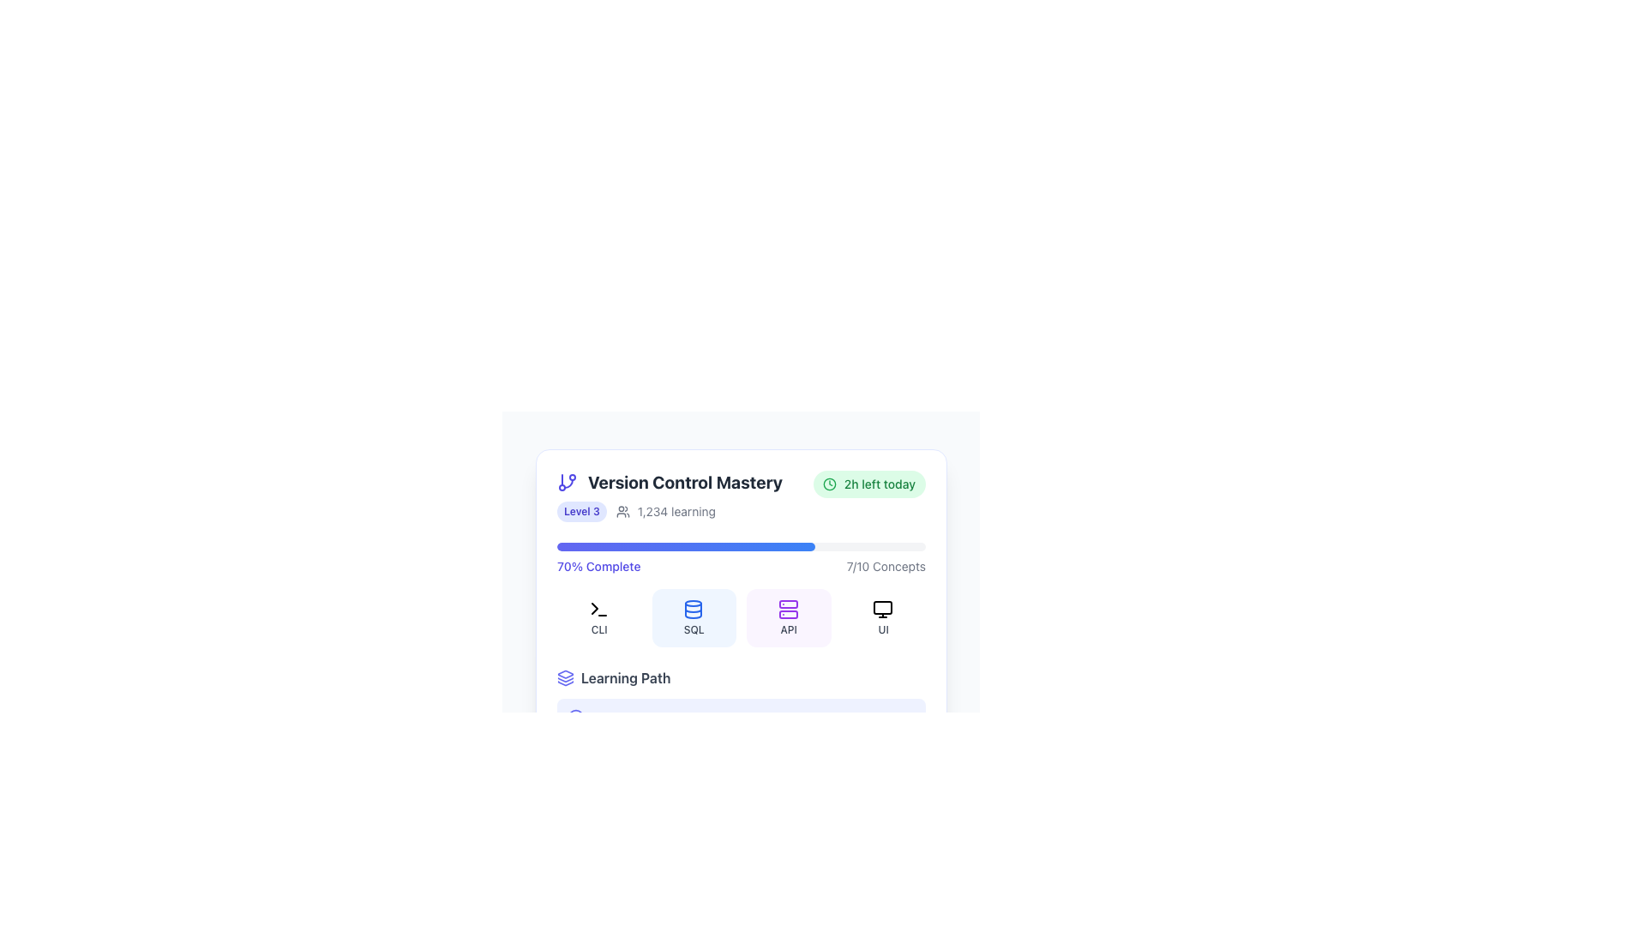 The image size is (1646, 926). I want to click on the SVG icon that signifies completion or verification located at the lower portion of the card-like section, so click(575, 718).